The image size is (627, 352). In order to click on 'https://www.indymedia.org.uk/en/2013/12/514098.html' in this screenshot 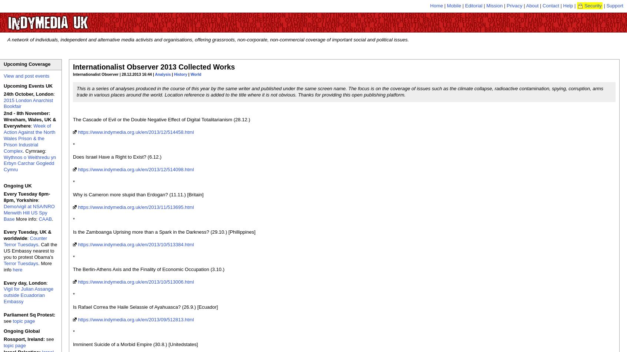, I will do `click(136, 169)`.